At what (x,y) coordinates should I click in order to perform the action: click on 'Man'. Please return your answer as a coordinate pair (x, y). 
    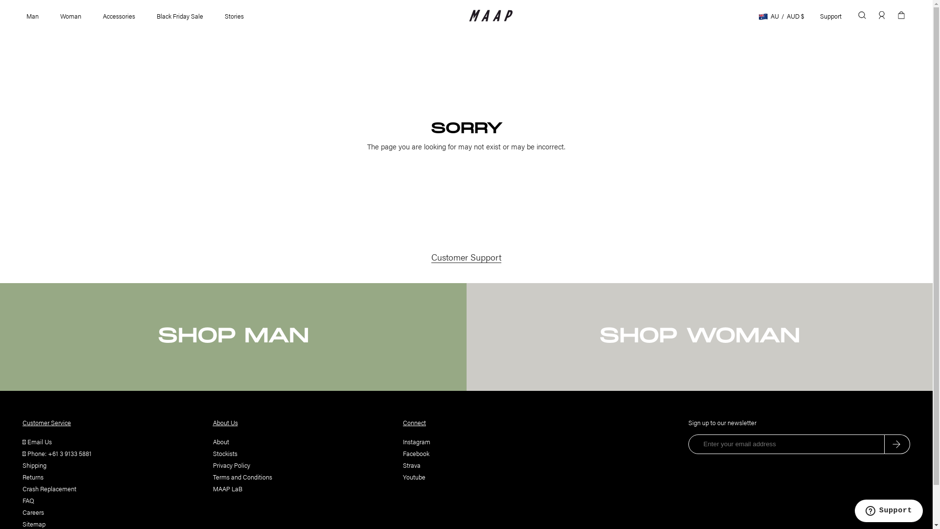
    Looking at the image, I should click on (32, 16).